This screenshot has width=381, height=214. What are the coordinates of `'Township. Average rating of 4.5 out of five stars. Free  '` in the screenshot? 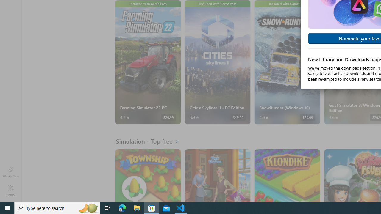 It's located at (148, 175).